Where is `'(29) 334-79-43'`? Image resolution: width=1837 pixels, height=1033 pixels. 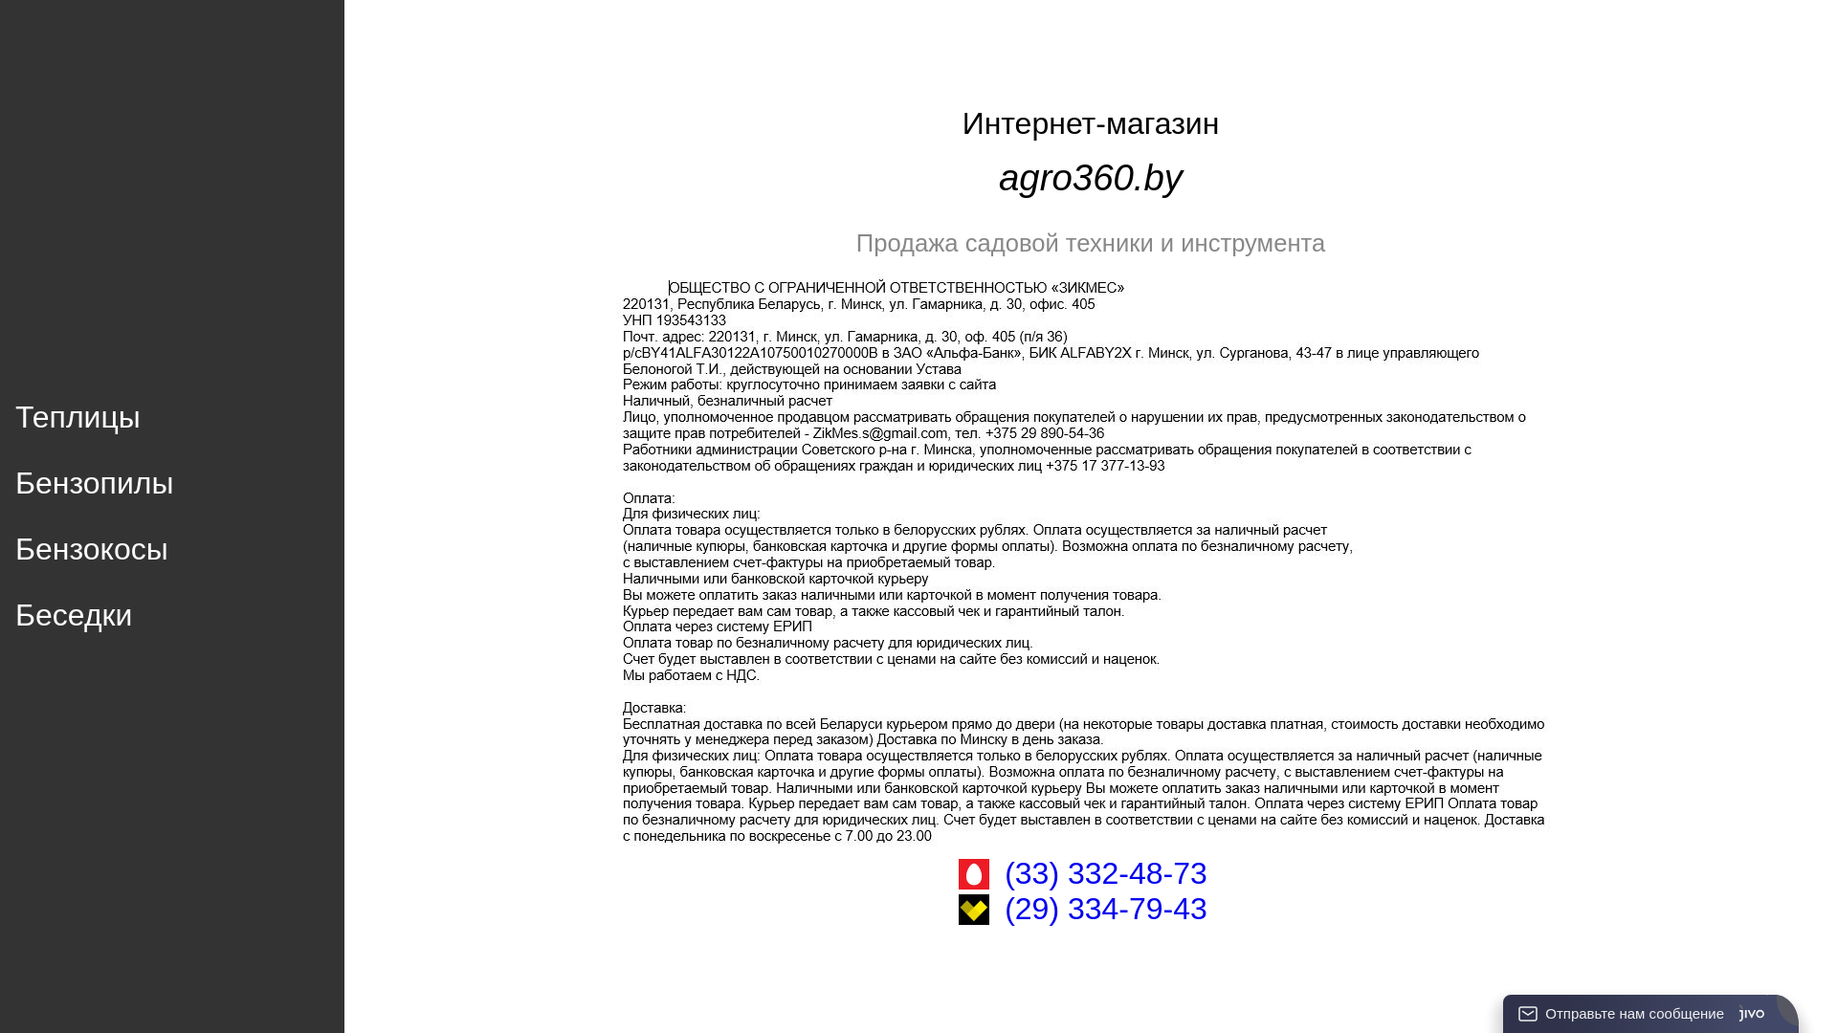 '(29) 334-79-43' is located at coordinates (1106, 908).